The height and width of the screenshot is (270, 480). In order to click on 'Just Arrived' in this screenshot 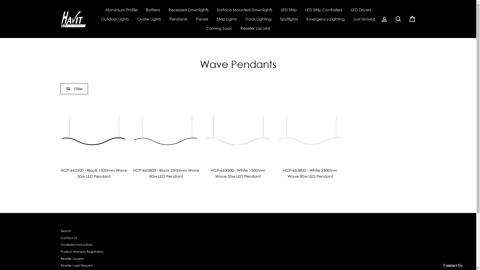, I will do `click(364, 18)`.